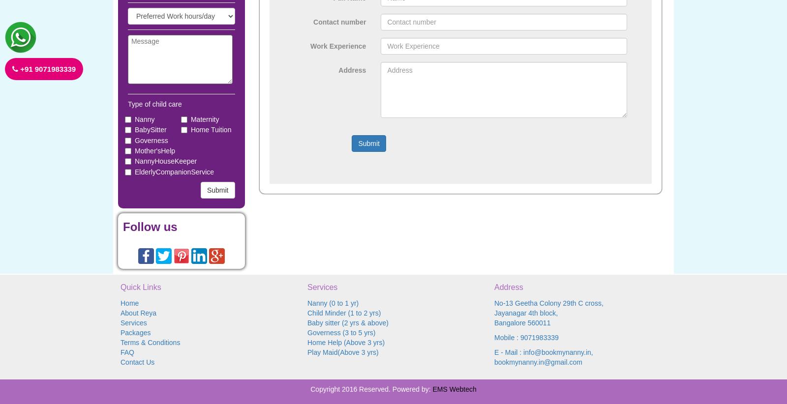  Describe the element at coordinates (135, 129) in the screenshot. I see `'BabySitter'` at that location.